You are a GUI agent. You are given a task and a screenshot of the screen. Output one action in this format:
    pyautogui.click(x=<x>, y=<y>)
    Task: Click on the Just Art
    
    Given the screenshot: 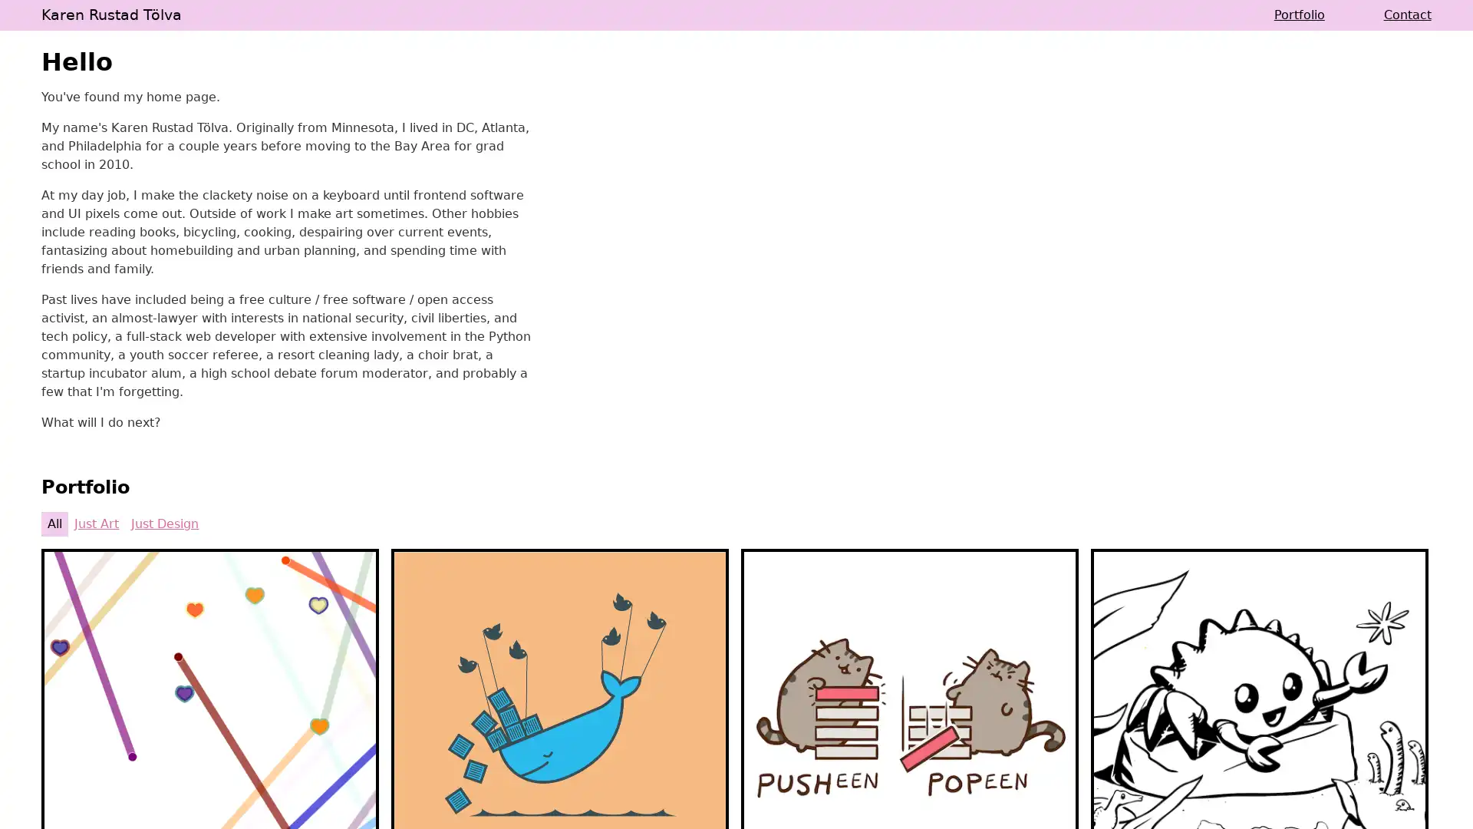 What is the action you would take?
    pyautogui.click(x=95, y=523)
    